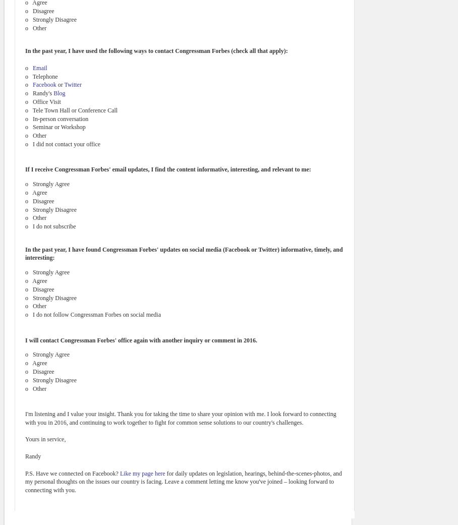 This screenshot has height=525, width=458. I want to click on 'In the past year, I have used the following ways to contact Congressman Forbes (check all that apply):', so click(155, 50).